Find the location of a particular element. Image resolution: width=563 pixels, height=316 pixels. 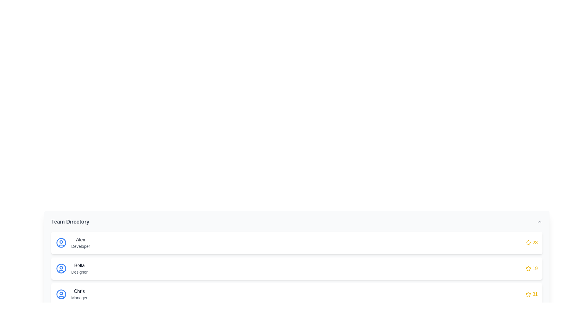

the star icon located to the right of the third item in the list associated with 'Chris, Manager' to highlight or select it is located at coordinates (528, 294).